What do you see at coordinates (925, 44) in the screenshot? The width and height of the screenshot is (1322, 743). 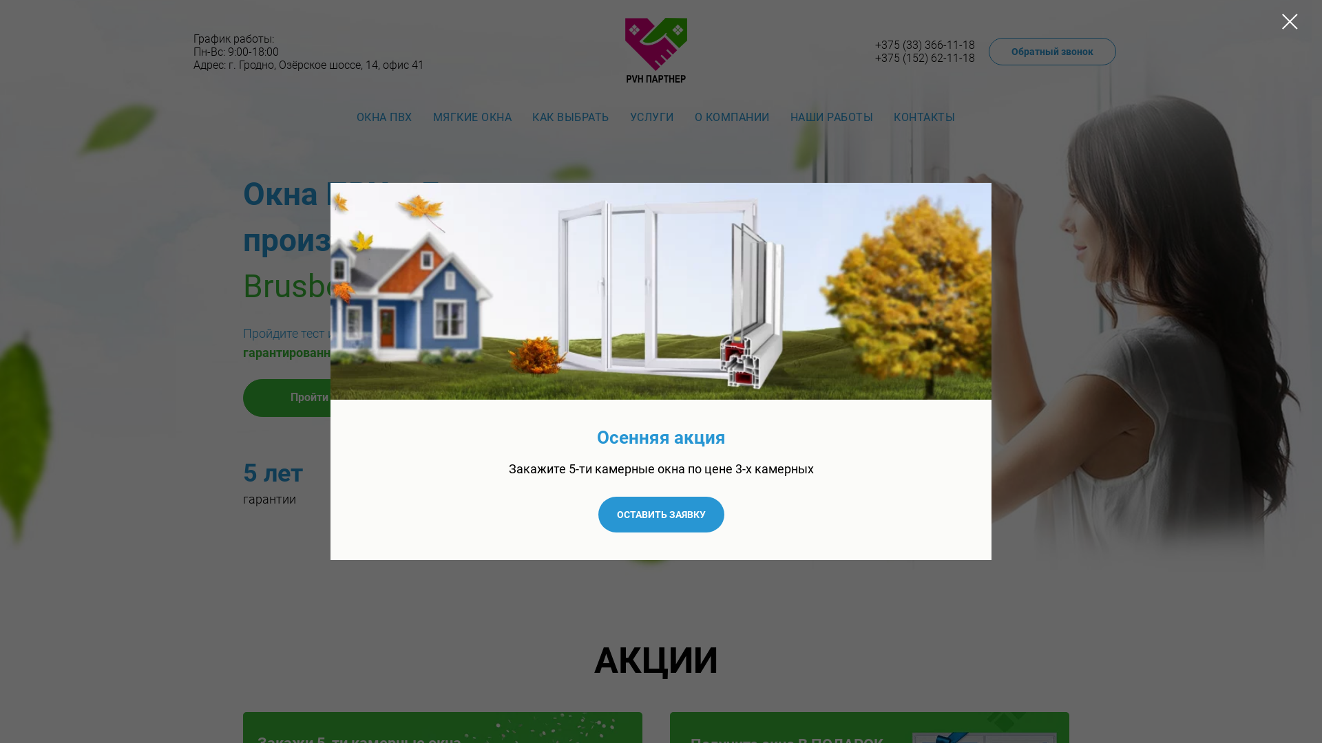 I see `'+375 (33) 366-11-18'` at bounding box center [925, 44].